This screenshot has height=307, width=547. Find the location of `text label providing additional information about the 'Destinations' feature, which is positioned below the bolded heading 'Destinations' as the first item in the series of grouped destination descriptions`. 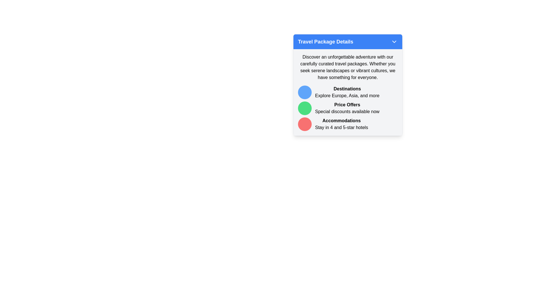

text label providing additional information about the 'Destinations' feature, which is positioned below the bolded heading 'Destinations' as the first item in the series of grouped destination descriptions is located at coordinates (347, 95).